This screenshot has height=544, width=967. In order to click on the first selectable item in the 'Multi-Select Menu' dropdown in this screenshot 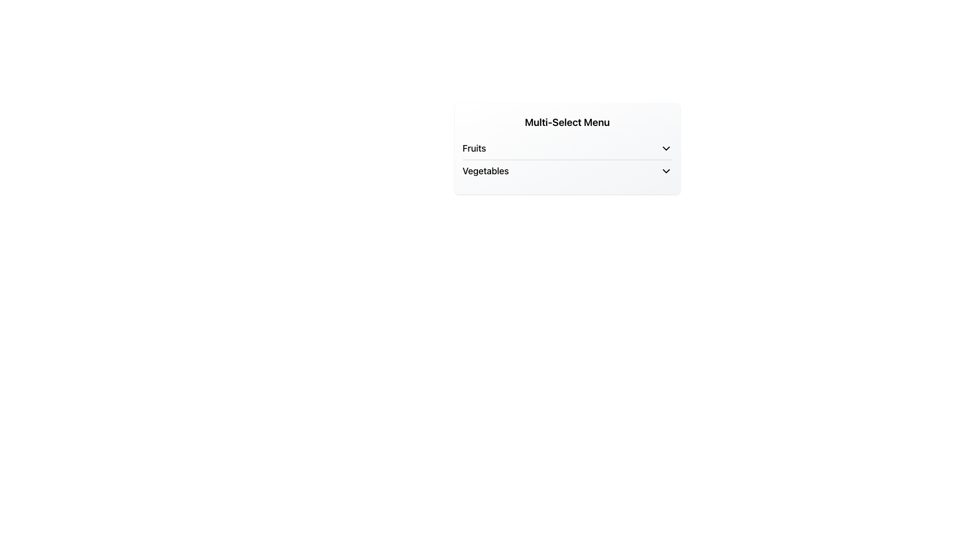, I will do `click(567, 148)`.